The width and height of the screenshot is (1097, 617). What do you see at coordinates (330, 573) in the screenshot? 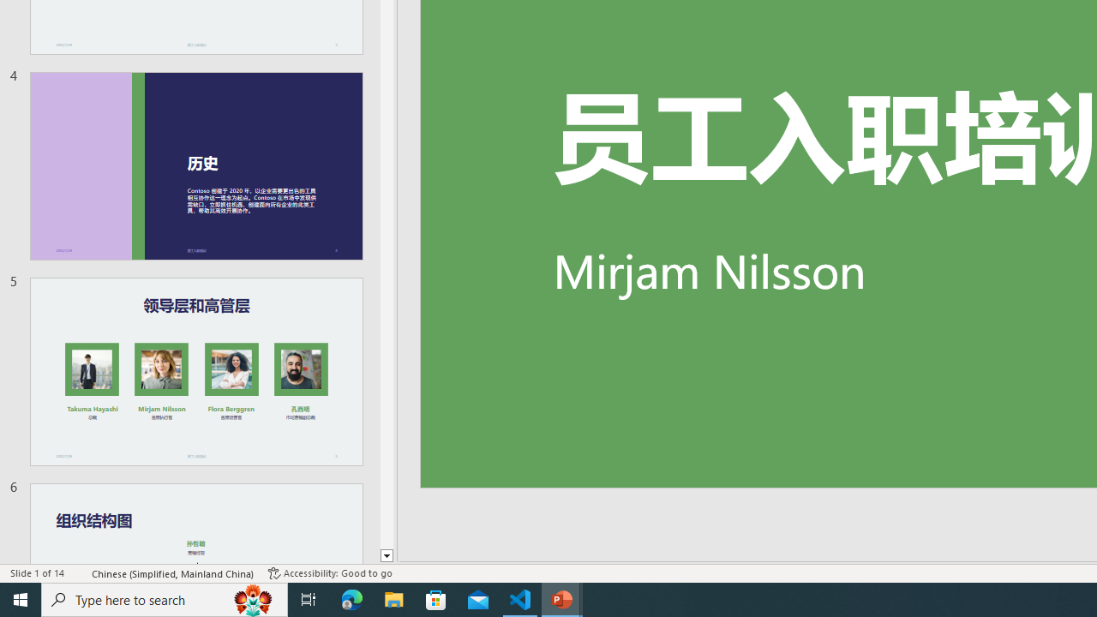
I see `'Accessibility Checker Accessibility: Good to go'` at bounding box center [330, 573].